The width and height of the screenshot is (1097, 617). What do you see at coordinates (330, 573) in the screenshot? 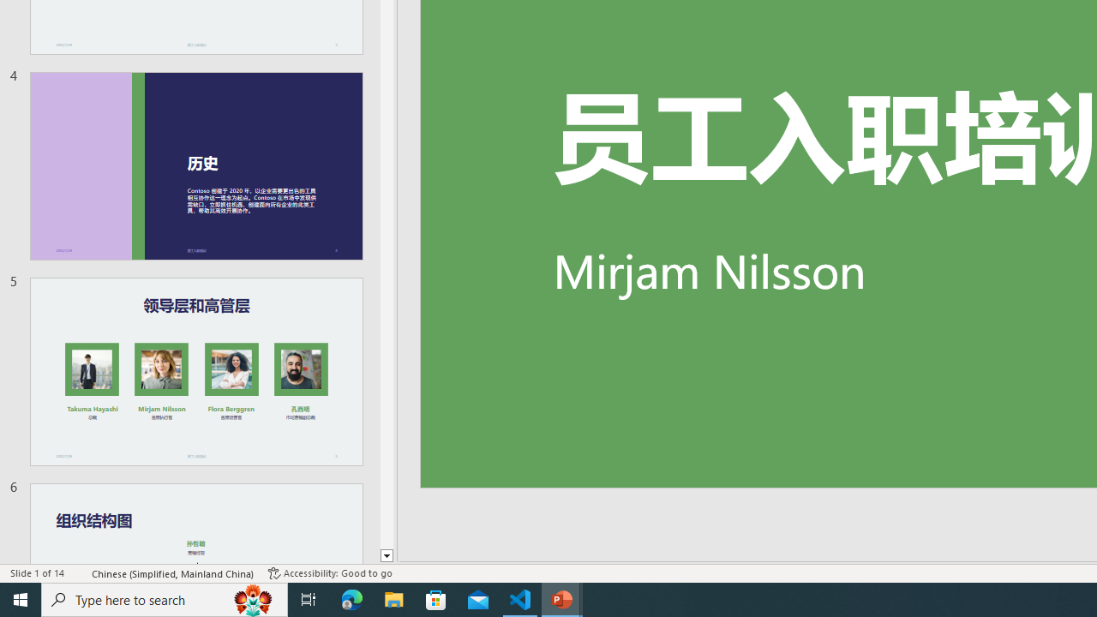
I see `'Accessibility Checker Accessibility: Good to go'` at bounding box center [330, 573].